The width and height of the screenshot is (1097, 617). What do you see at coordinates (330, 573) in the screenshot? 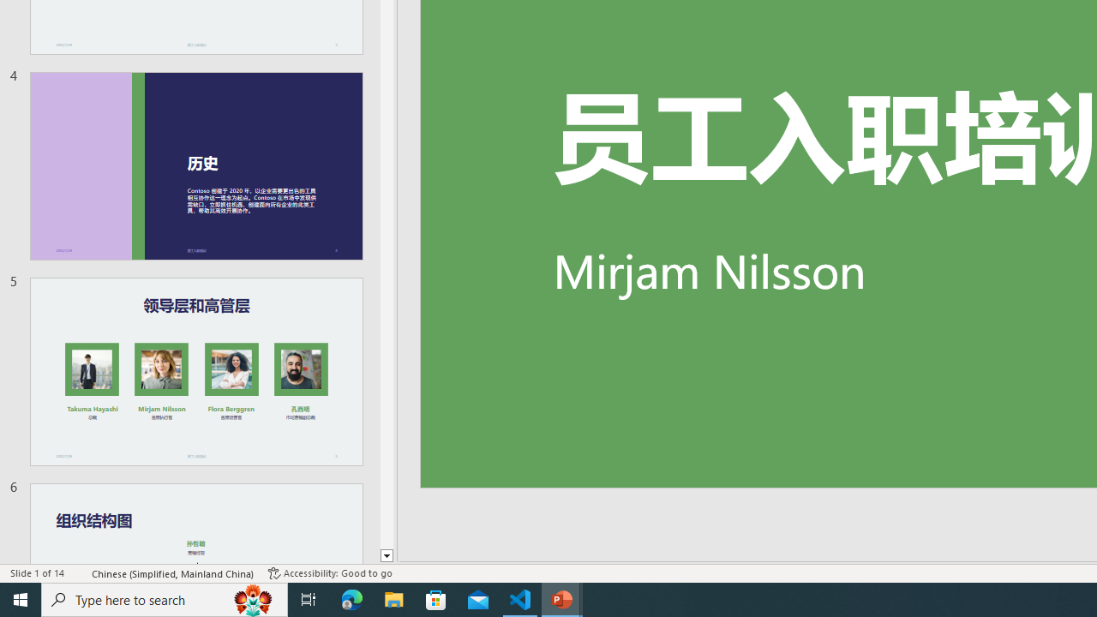
I see `'Accessibility Checker Accessibility: Good to go'` at bounding box center [330, 573].